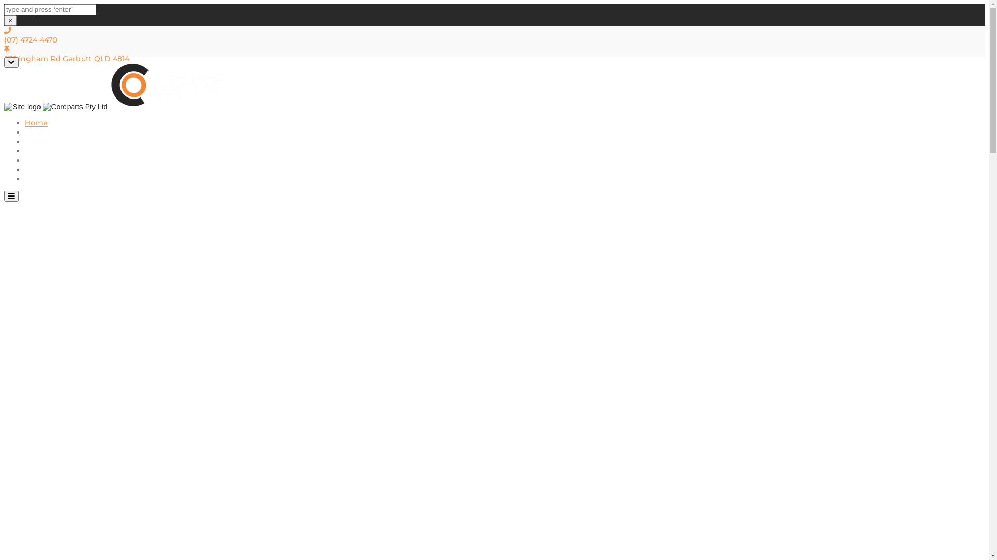 The height and width of the screenshot is (560, 997). I want to click on 'Close top bar', so click(11, 62).